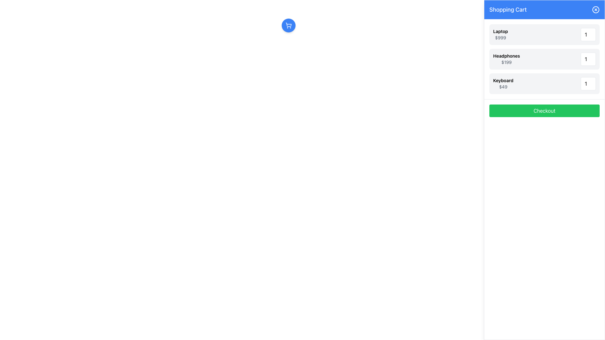 Image resolution: width=605 pixels, height=340 pixels. I want to click on the text label displaying 'Headphones' in the shopping cart interface, located below the 'Laptop' entry and above the price of $199, so click(506, 55).